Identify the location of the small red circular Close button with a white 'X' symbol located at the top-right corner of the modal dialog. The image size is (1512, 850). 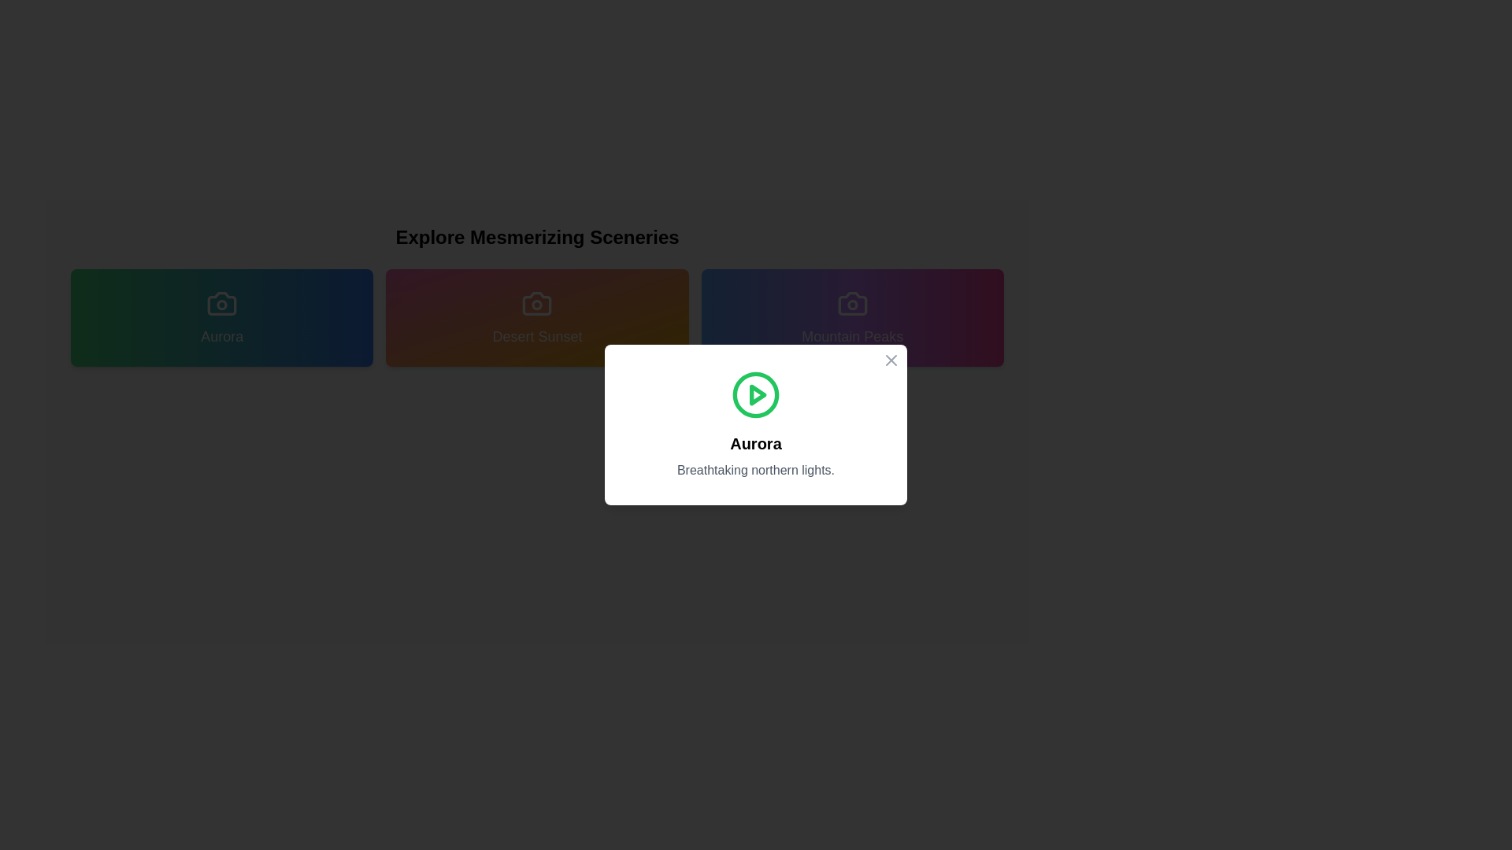
(891, 360).